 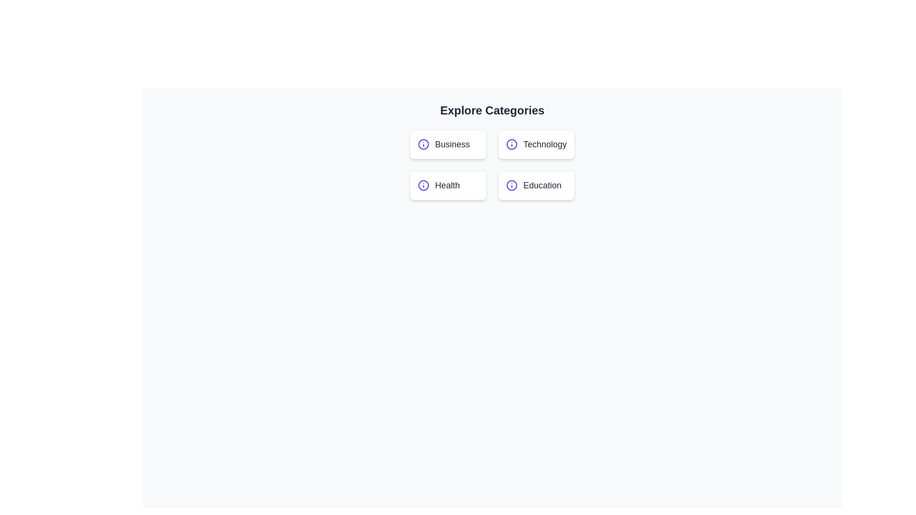 What do you see at coordinates (423, 144) in the screenshot?
I see `the Circle element within the SVG graphic that represents the 'Business' category, located under the title 'Explore Categories'` at bounding box center [423, 144].